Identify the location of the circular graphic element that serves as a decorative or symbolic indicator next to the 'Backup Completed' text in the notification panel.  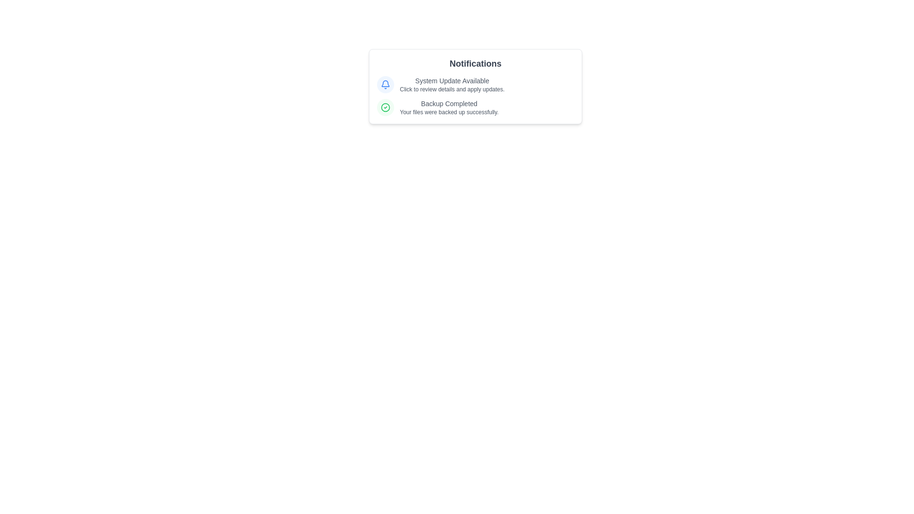
(386, 107).